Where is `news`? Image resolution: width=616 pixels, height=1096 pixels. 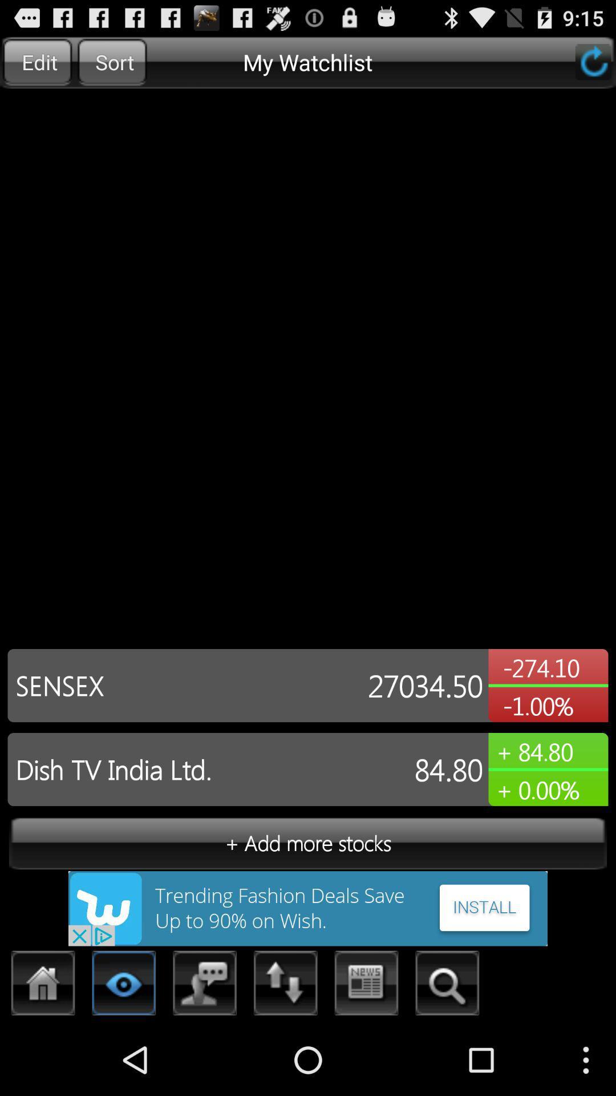 news is located at coordinates (367, 986).